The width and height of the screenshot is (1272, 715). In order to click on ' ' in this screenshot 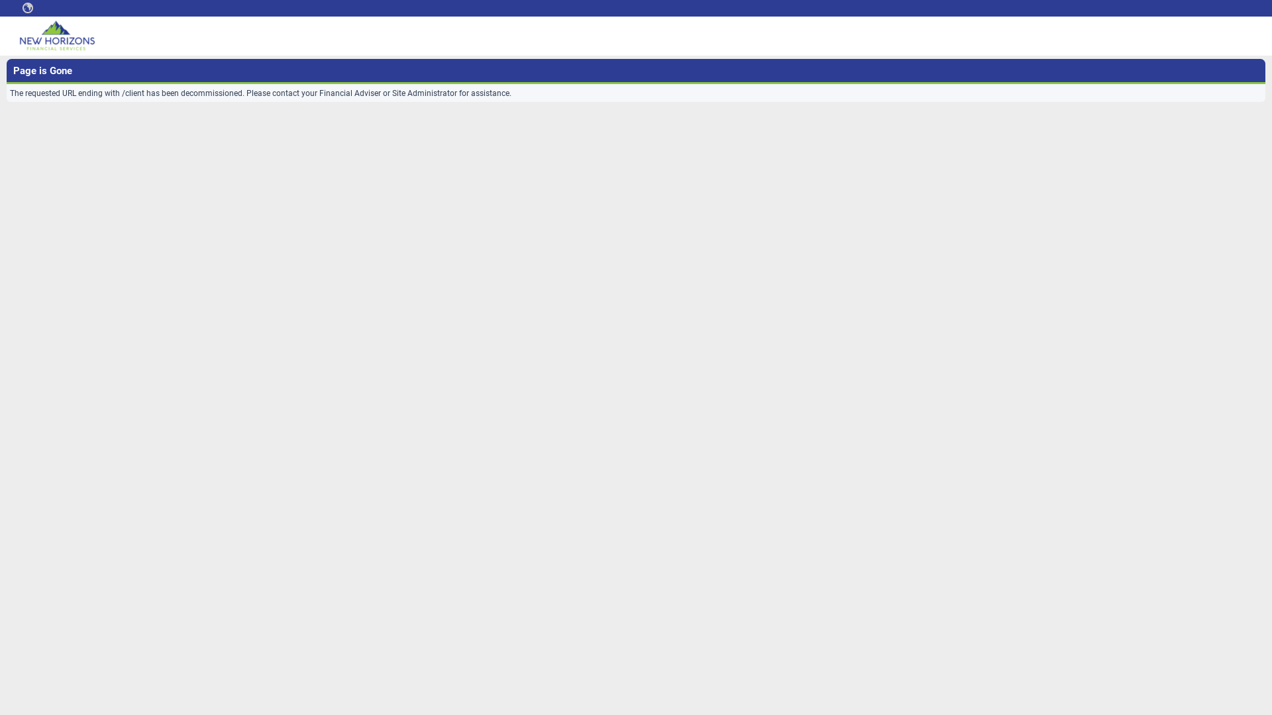, I will do `click(17, 7)`.